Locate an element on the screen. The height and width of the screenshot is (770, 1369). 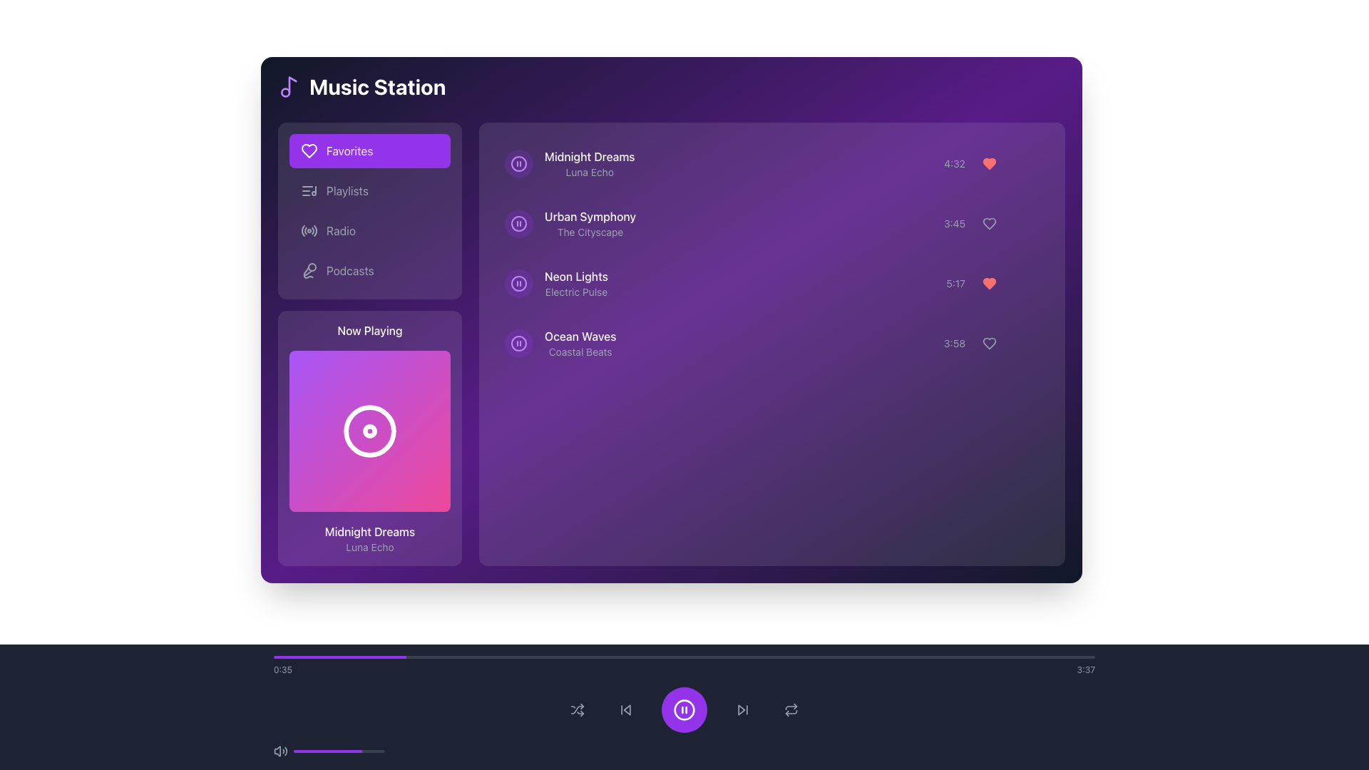
the spinning disc icon styled in white with a circular outline, located in the 'Now Playing' section above the text label 'Midnight Dreams' is located at coordinates (369, 431).